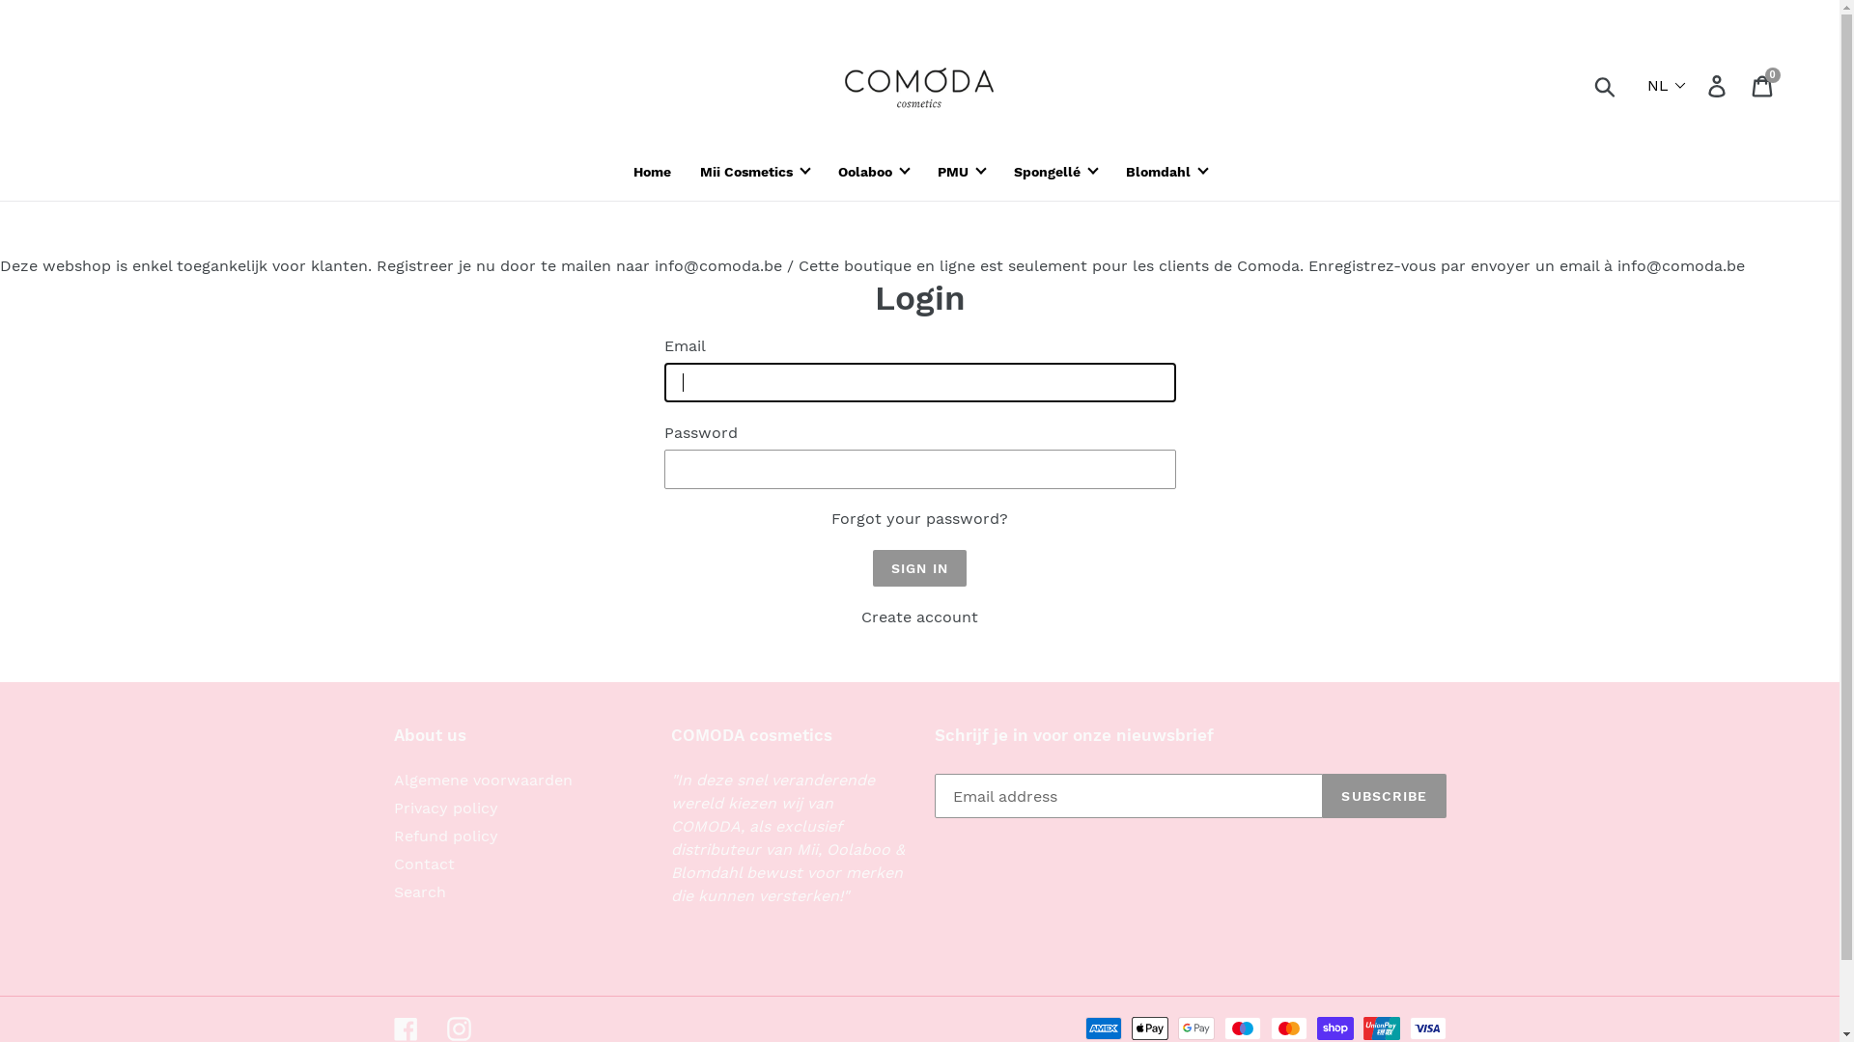 This screenshot has width=1854, height=1042. Describe the element at coordinates (393, 863) in the screenshot. I see `'Contact'` at that location.